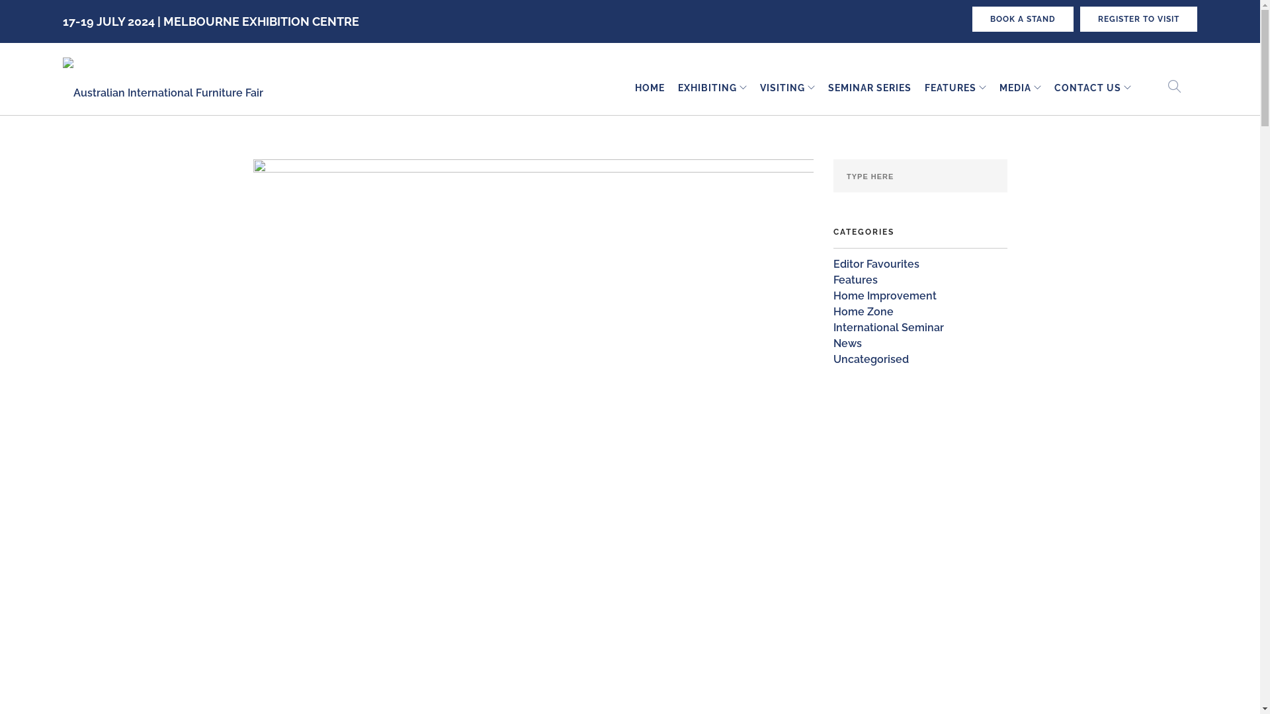 This screenshot has height=714, width=1270. What do you see at coordinates (1079, 19) in the screenshot?
I see `'REGISTER TO VISIT'` at bounding box center [1079, 19].